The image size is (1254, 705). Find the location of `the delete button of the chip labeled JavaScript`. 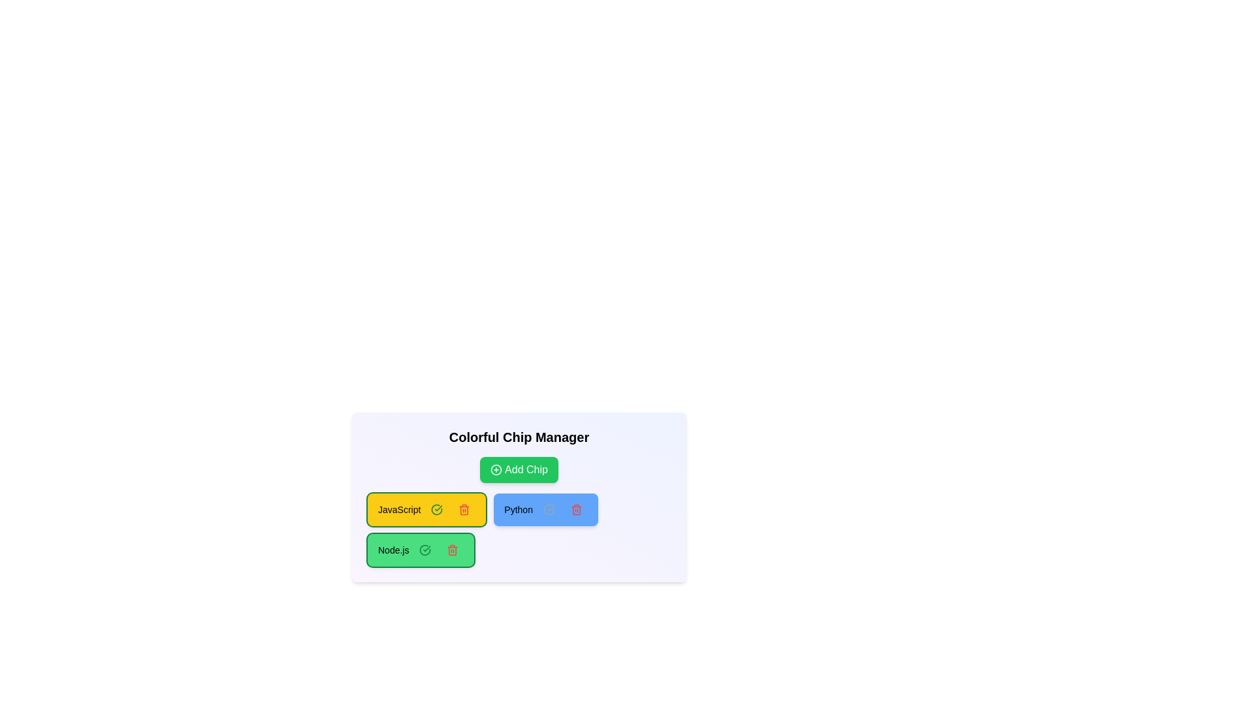

the delete button of the chip labeled JavaScript is located at coordinates (464, 509).